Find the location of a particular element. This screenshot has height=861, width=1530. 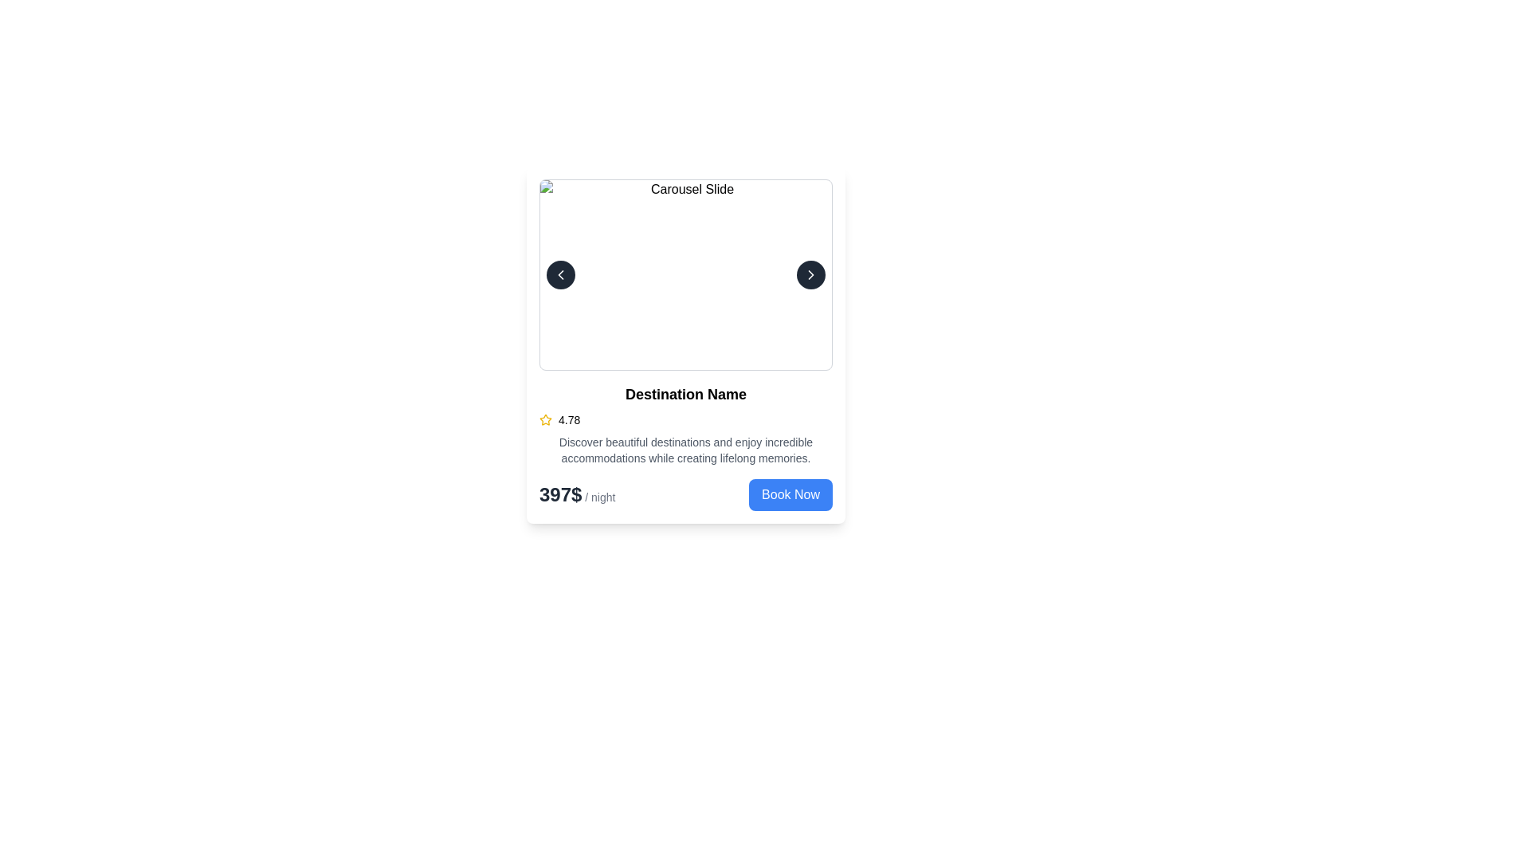

the second navigation button on the right side of the carousel is located at coordinates (810, 273).